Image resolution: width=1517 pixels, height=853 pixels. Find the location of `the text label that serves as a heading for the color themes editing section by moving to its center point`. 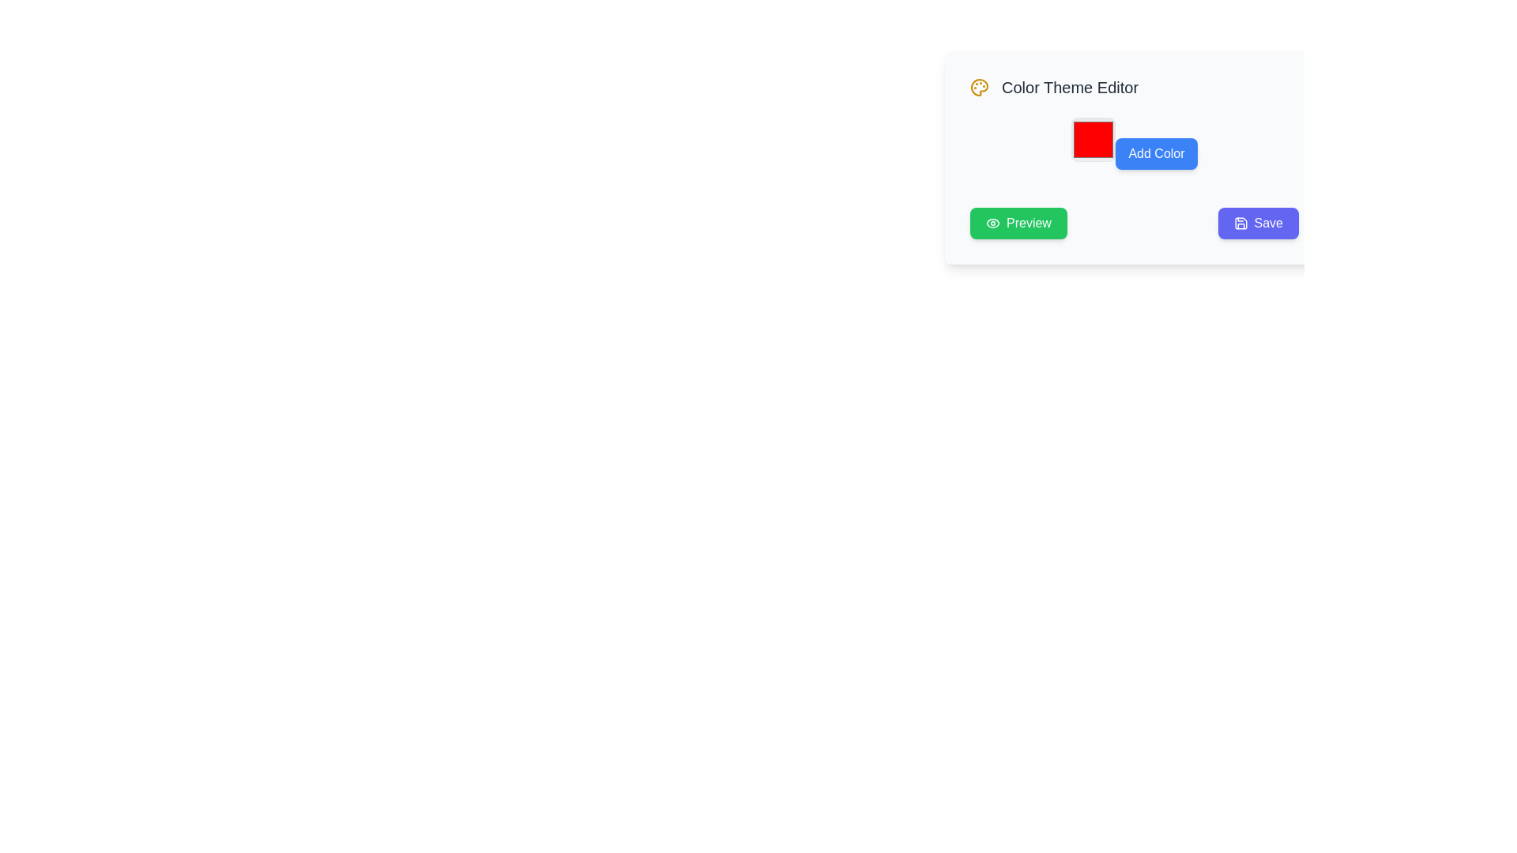

the text label that serves as a heading for the color themes editing section by moving to its center point is located at coordinates (1070, 88).